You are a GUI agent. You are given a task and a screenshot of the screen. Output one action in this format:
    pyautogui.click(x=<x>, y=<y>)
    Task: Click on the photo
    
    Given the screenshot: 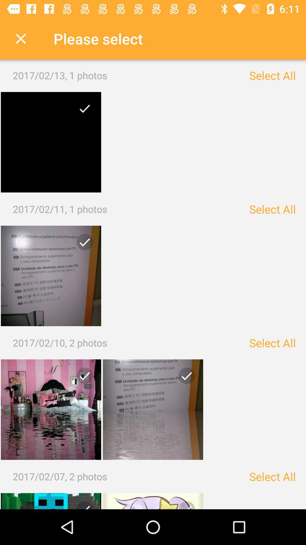 What is the action you would take?
    pyautogui.click(x=82, y=110)
    